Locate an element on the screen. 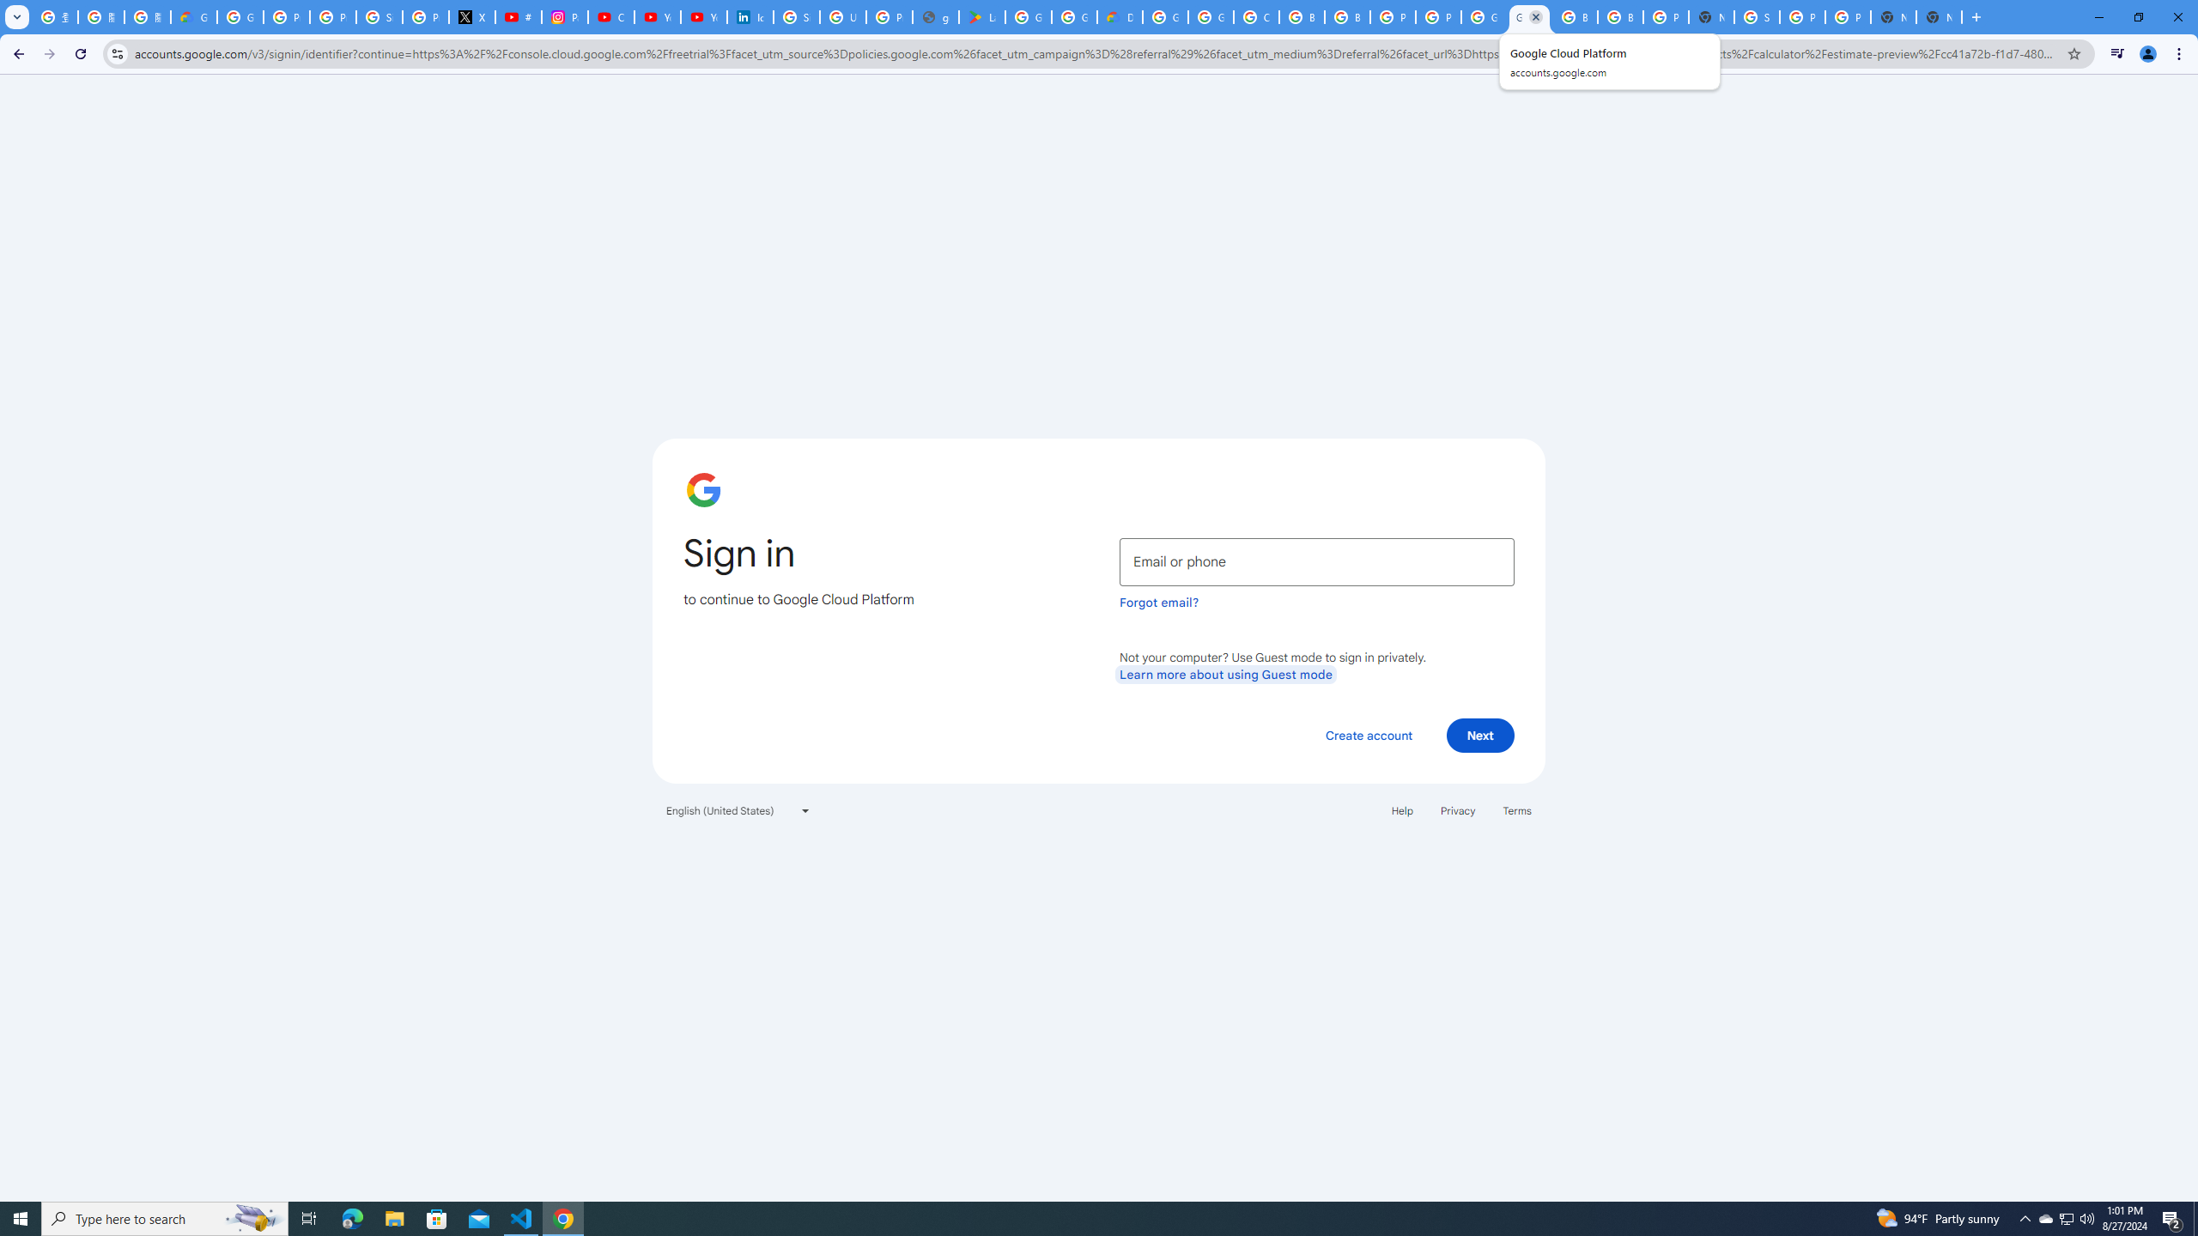 This screenshot has height=1236, width=2198. '#nbabasketballhighlights - YouTube' is located at coordinates (518, 16).